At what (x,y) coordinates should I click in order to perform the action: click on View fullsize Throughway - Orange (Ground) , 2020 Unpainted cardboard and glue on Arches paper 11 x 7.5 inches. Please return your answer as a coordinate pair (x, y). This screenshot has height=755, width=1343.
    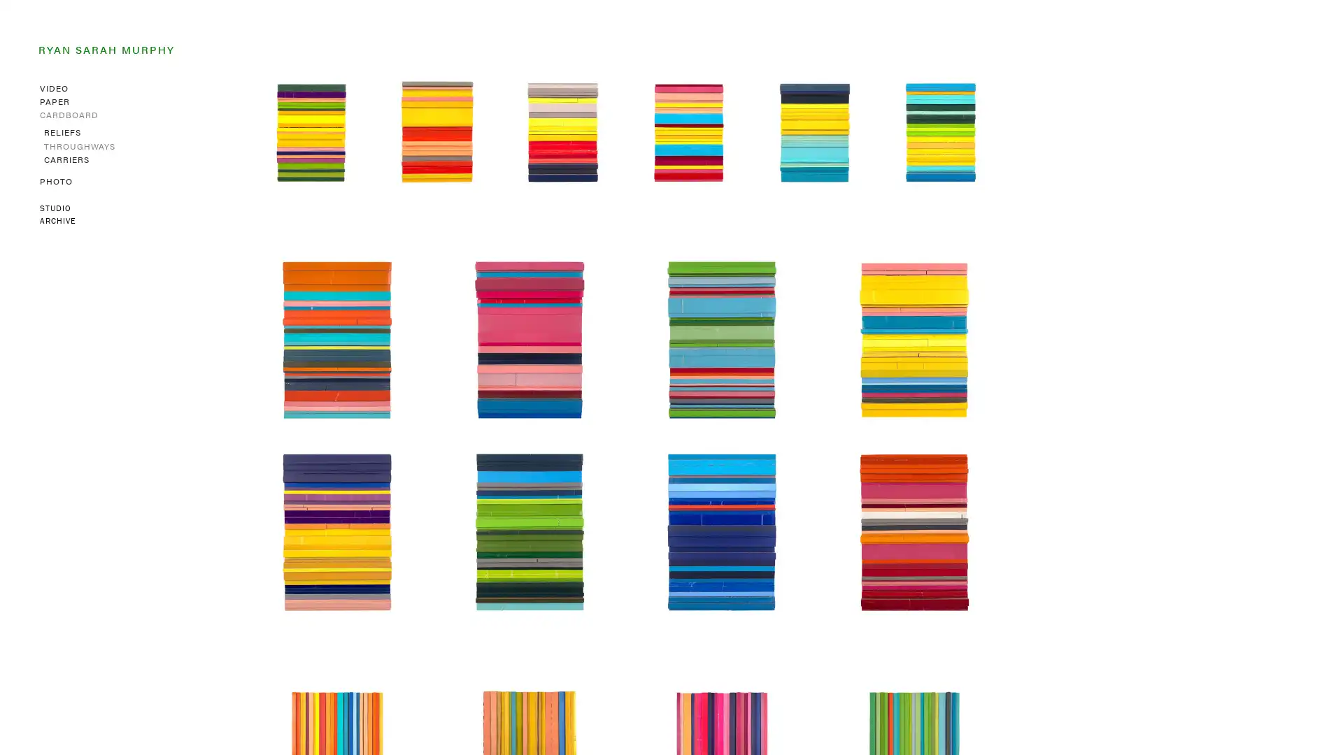
    Looking at the image, I should click on (337, 340).